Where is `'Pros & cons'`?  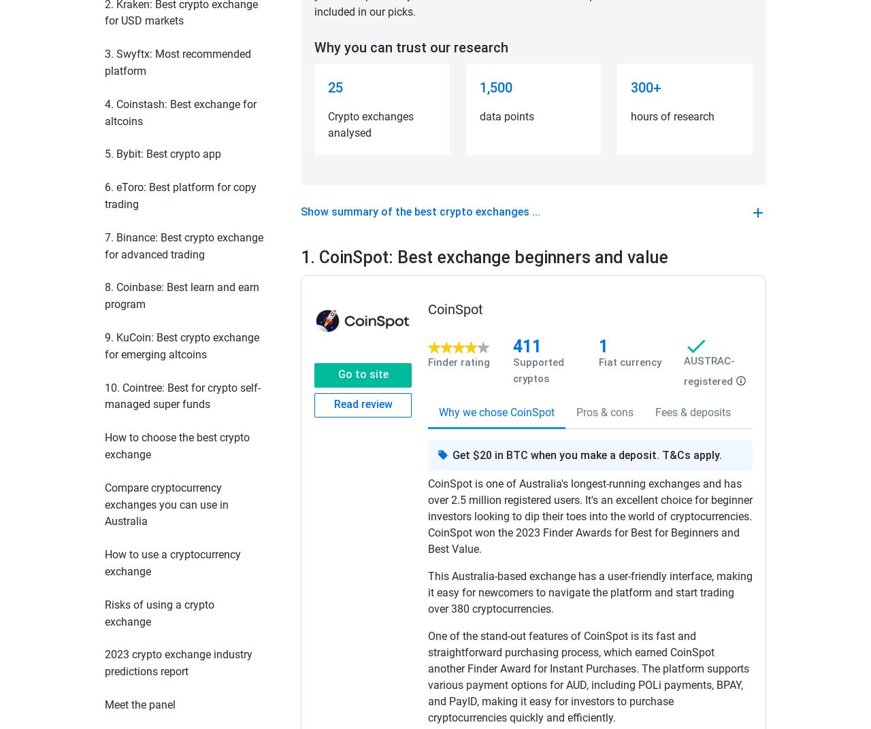
'Pros & cons' is located at coordinates (604, 412).